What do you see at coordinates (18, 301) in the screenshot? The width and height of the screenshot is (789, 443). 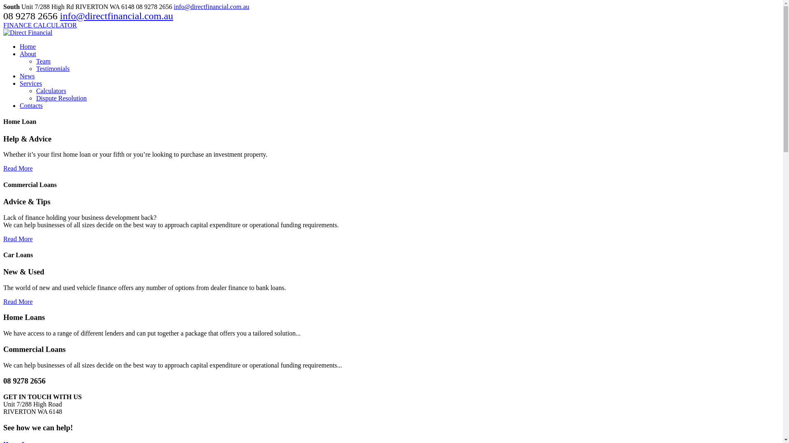 I see `'Read More'` at bounding box center [18, 301].